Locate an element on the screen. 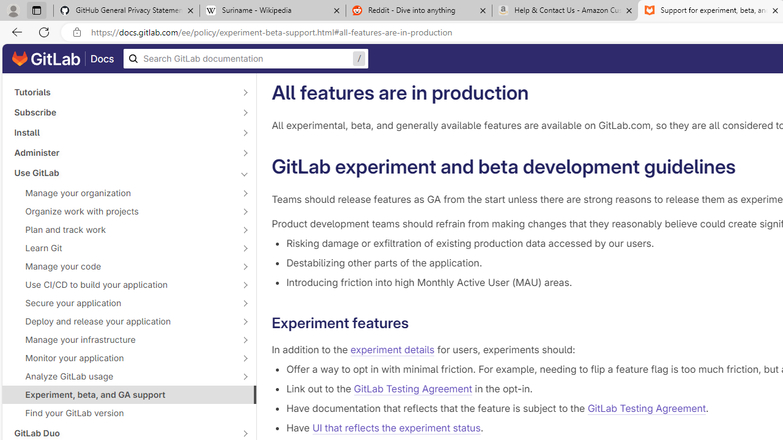 The height and width of the screenshot is (440, 783). 'GitLab documentation home' is located at coordinates (46, 59).